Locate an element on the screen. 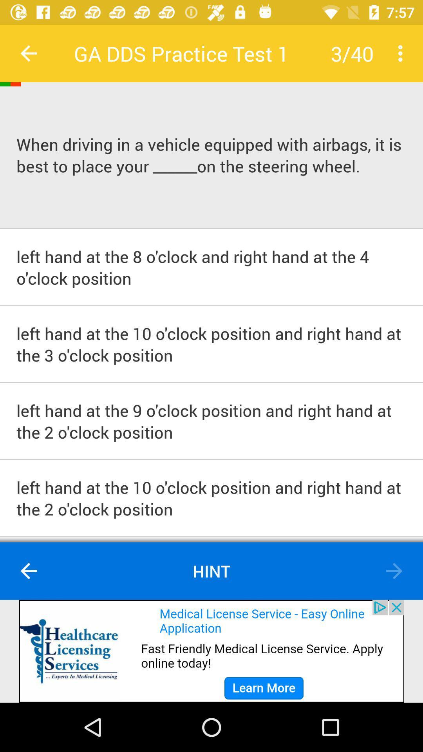 The height and width of the screenshot is (752, 423). back hint is located at coordinates (28, 571).